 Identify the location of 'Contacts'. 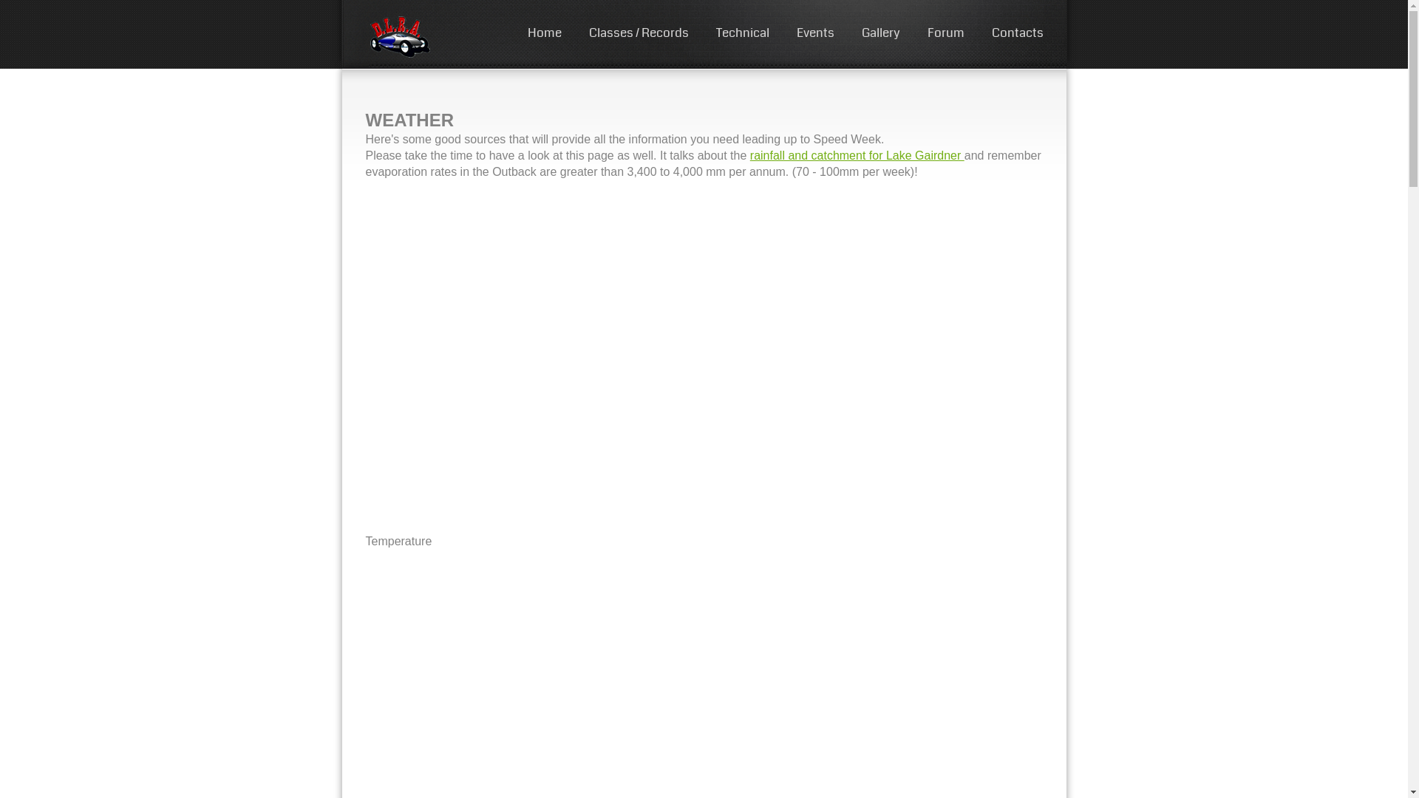
(992, 33).